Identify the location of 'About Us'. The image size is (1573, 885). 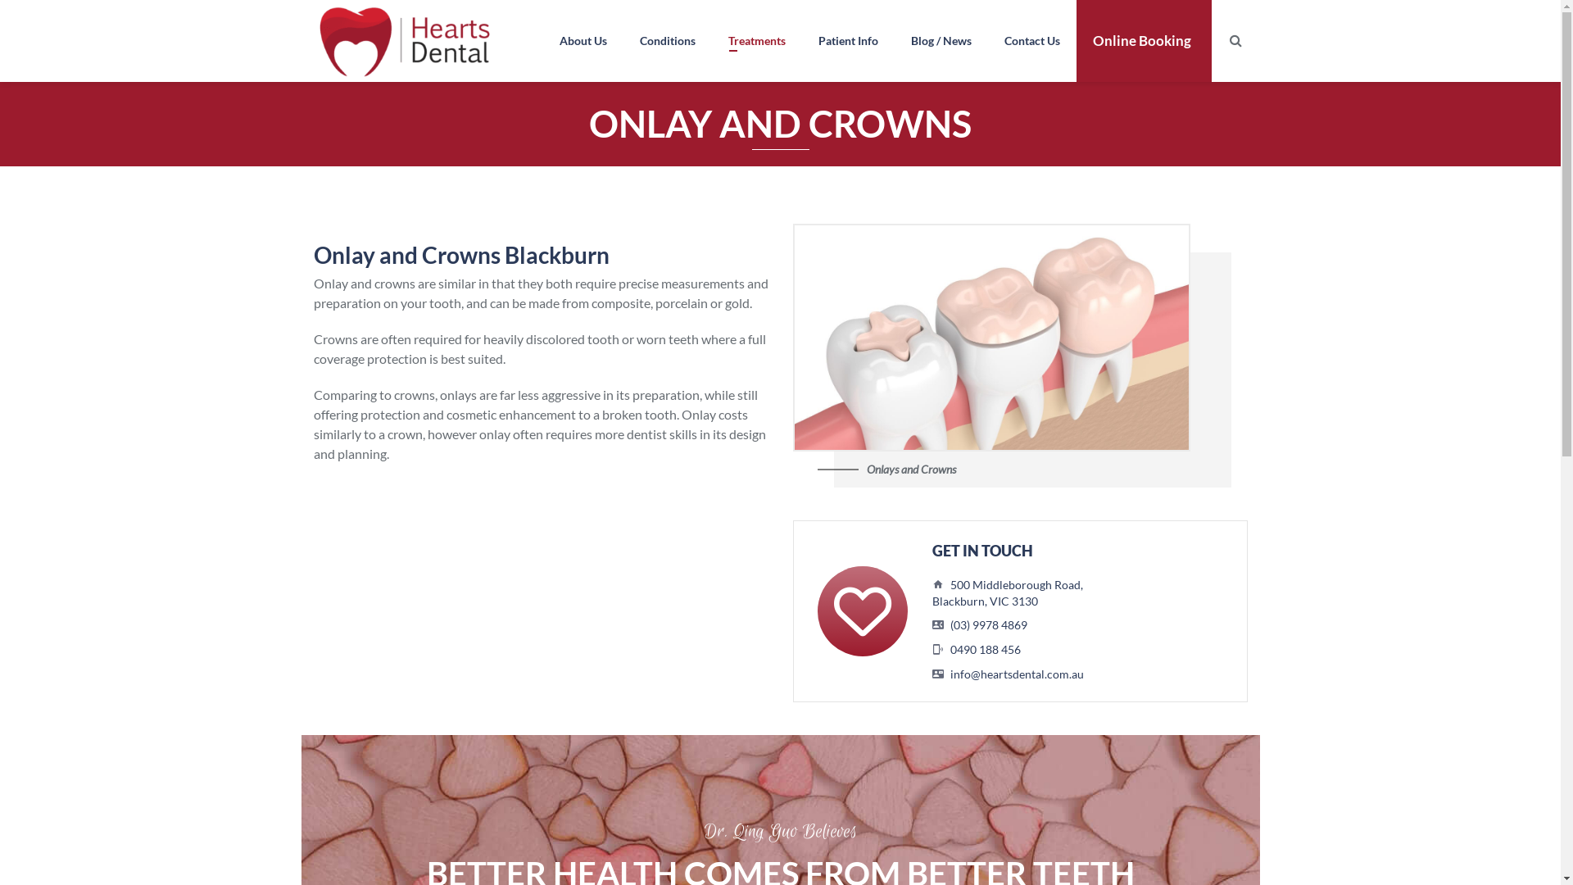
(582, 40).